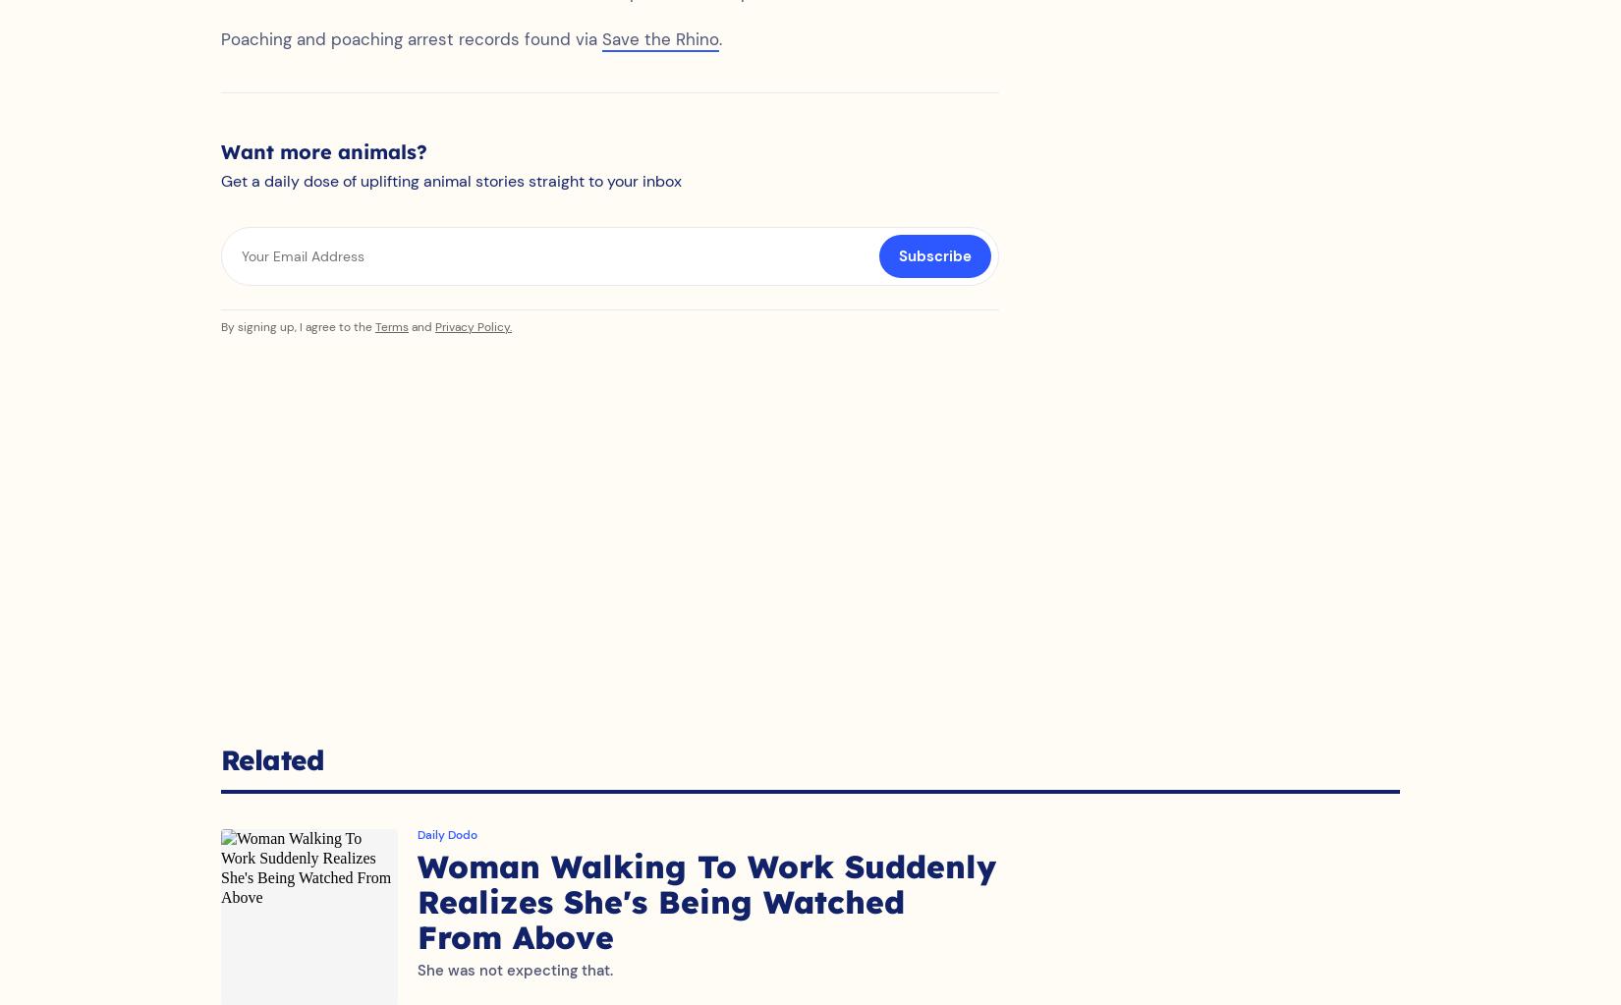  I want to click on 'Want more animals?', so click(324, 171).